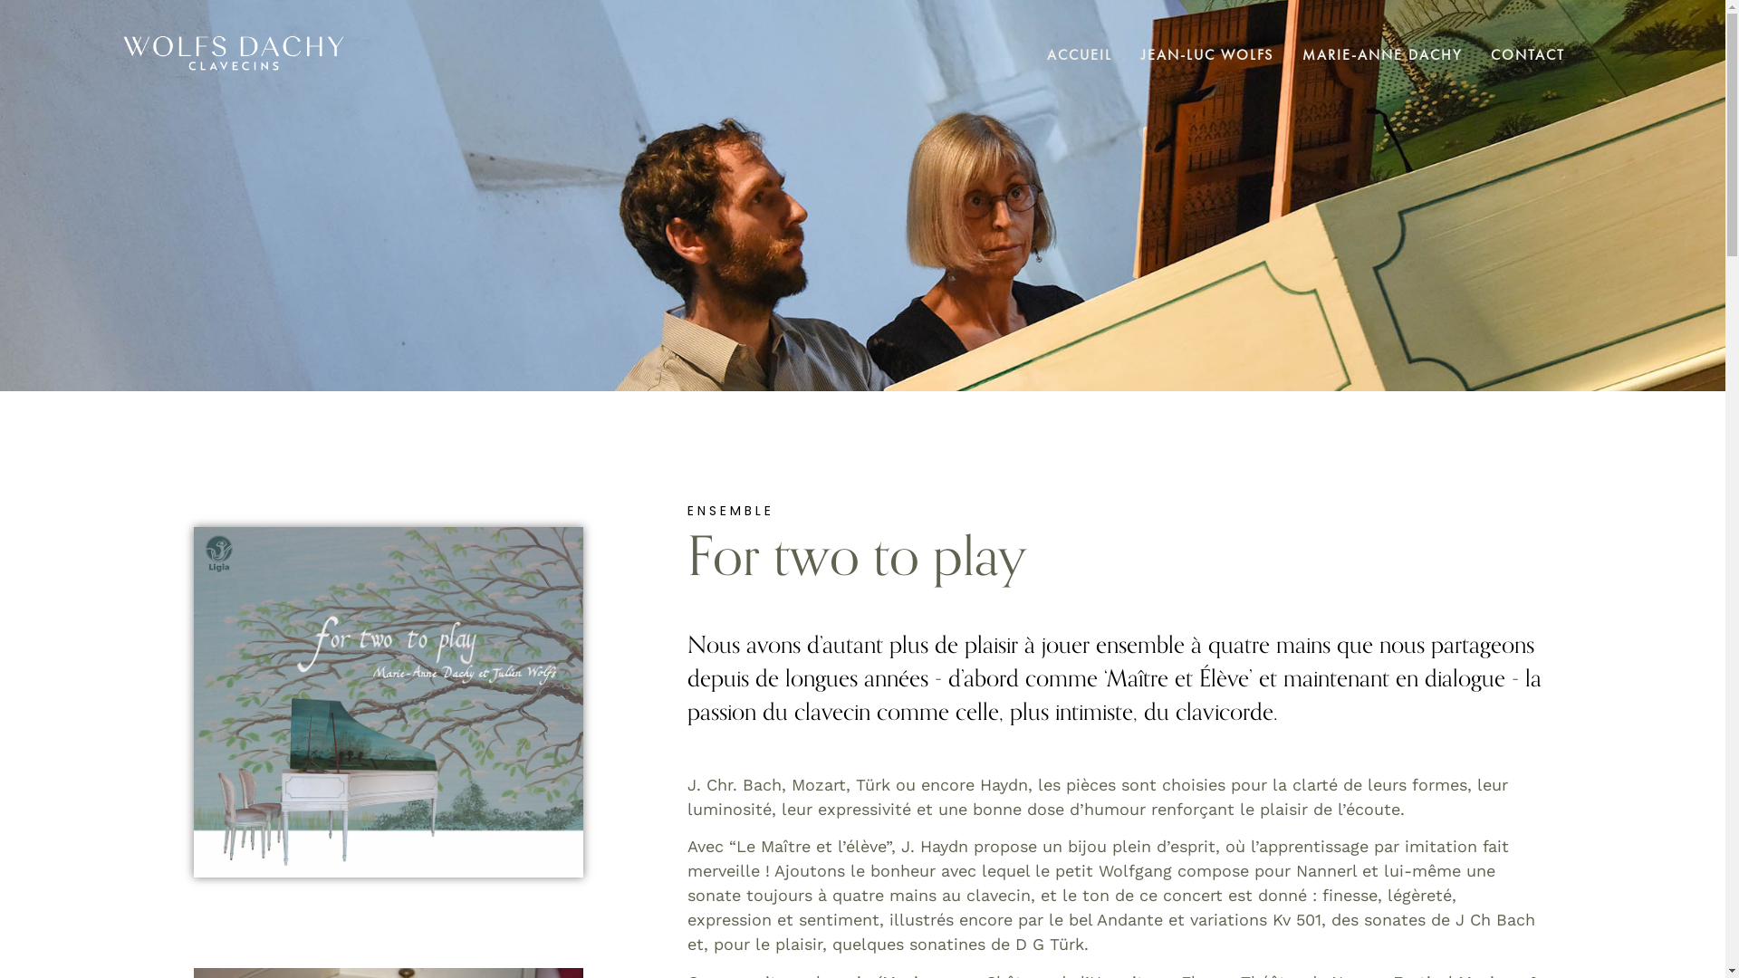  I want to click on 'JEAN-LUC WOLFS', so click(1207, 53).